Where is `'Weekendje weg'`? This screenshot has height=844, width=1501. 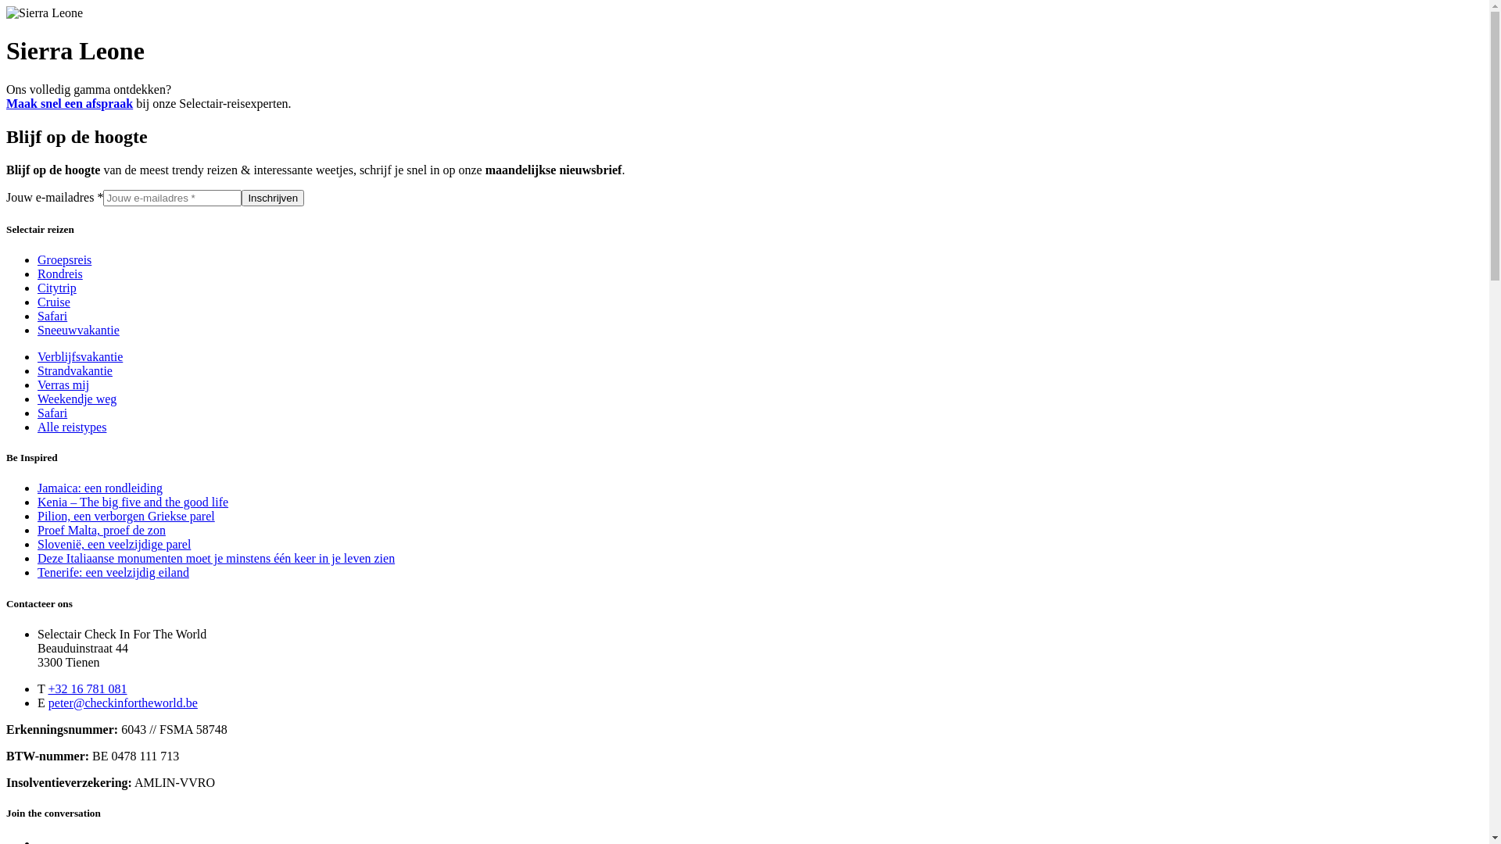
'Weekendje weg' is located at coordinates (76, 398).